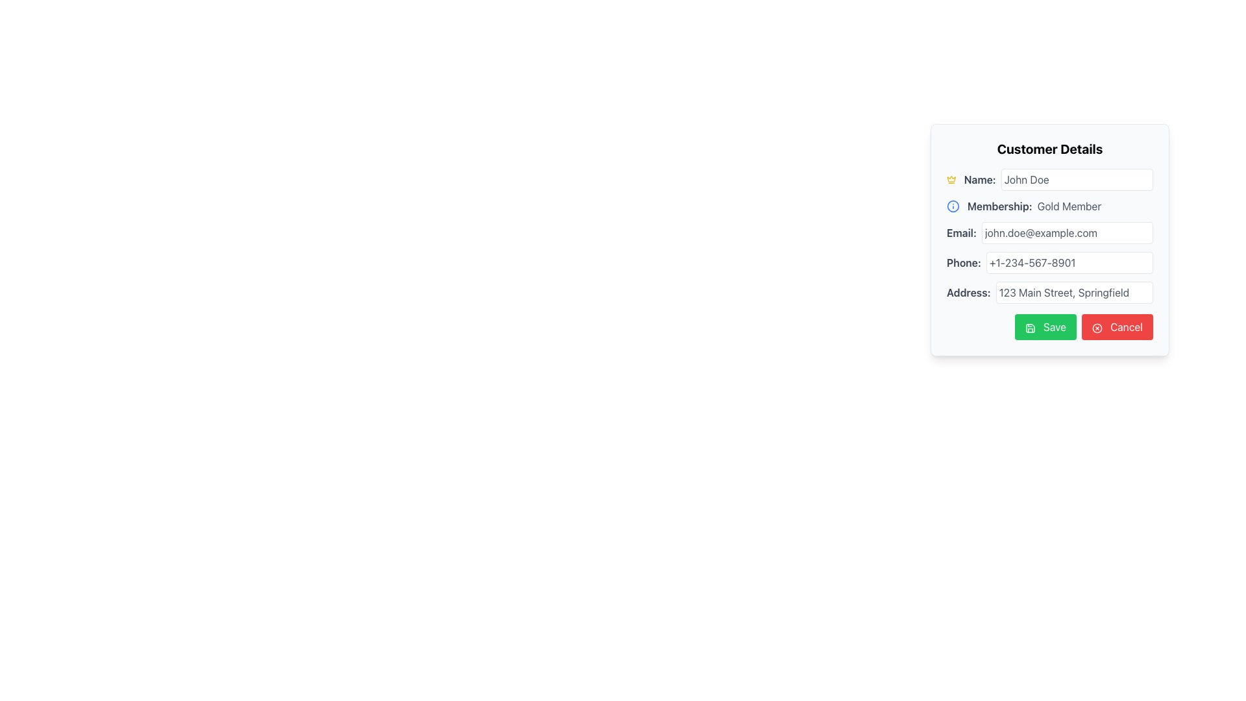 This screenshot has width=1246, height=701. I want to click on the email input field, so click(1068, 232).